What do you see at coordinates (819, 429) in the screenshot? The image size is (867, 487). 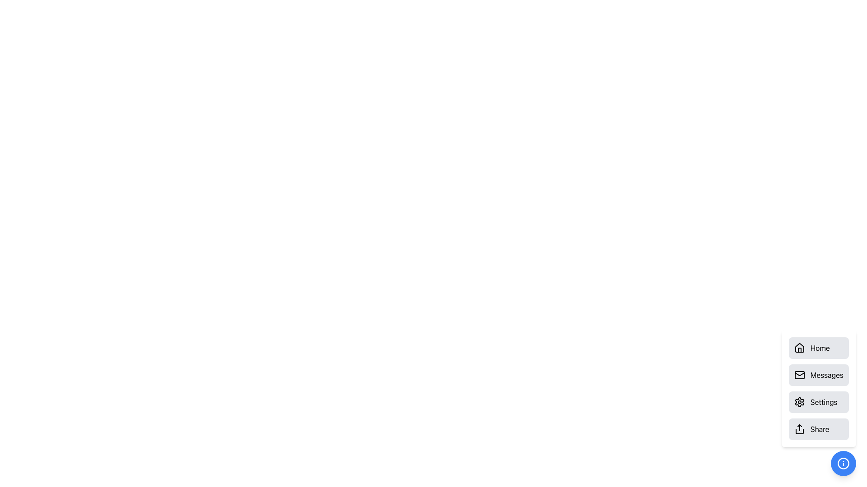 I see `the 'Share' button located at the bottom-right corner of the interface, styled with a light gray background and displaying a black share icon and the text 'Share'` at bounding box center [819, 429].